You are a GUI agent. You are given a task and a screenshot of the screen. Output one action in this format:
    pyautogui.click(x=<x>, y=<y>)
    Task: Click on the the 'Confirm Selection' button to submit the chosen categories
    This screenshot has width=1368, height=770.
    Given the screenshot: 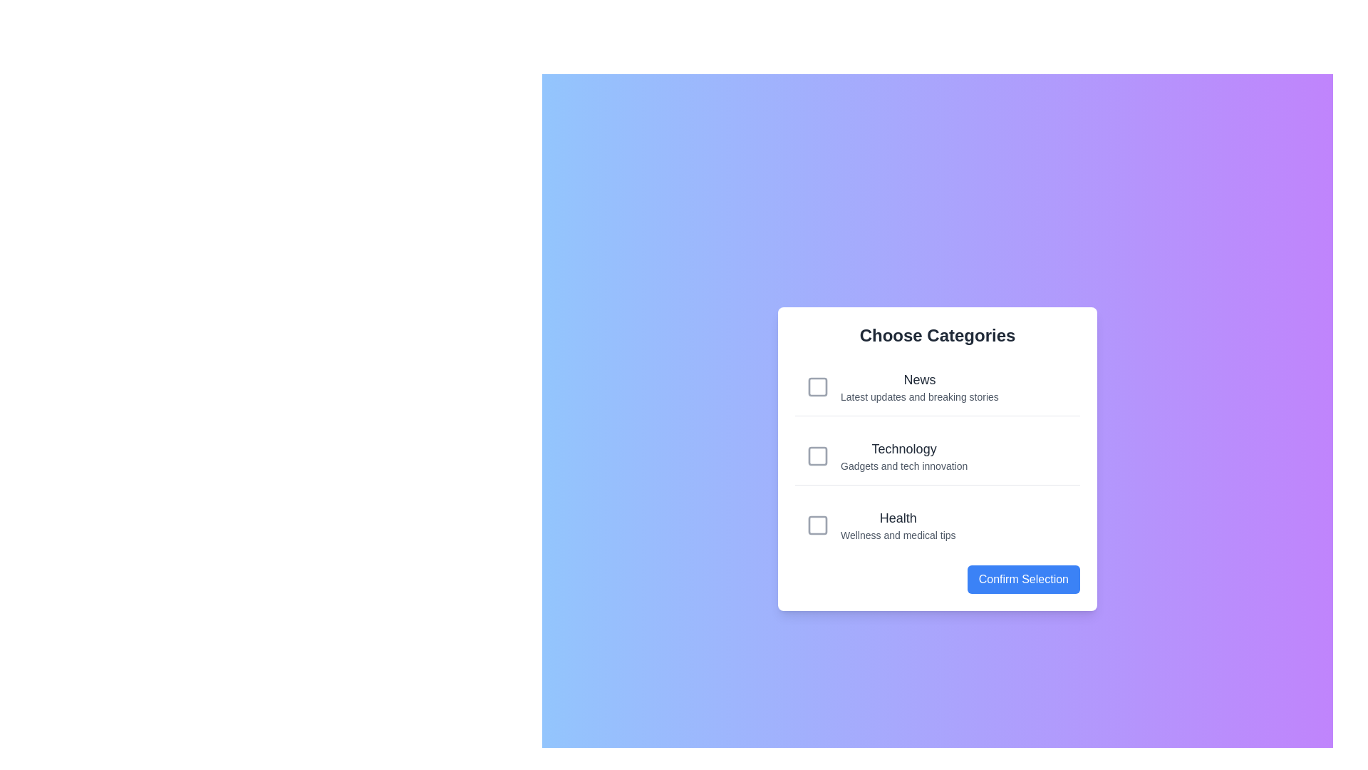 What is the action you would take?
    pyautogui.click(x=1022, y=580)
    